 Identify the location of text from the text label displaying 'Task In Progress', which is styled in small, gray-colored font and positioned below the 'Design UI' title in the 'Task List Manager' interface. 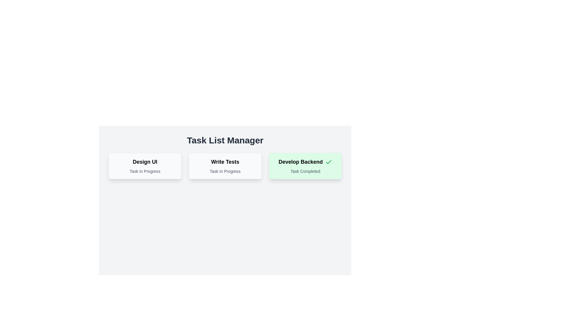
(145, 171).